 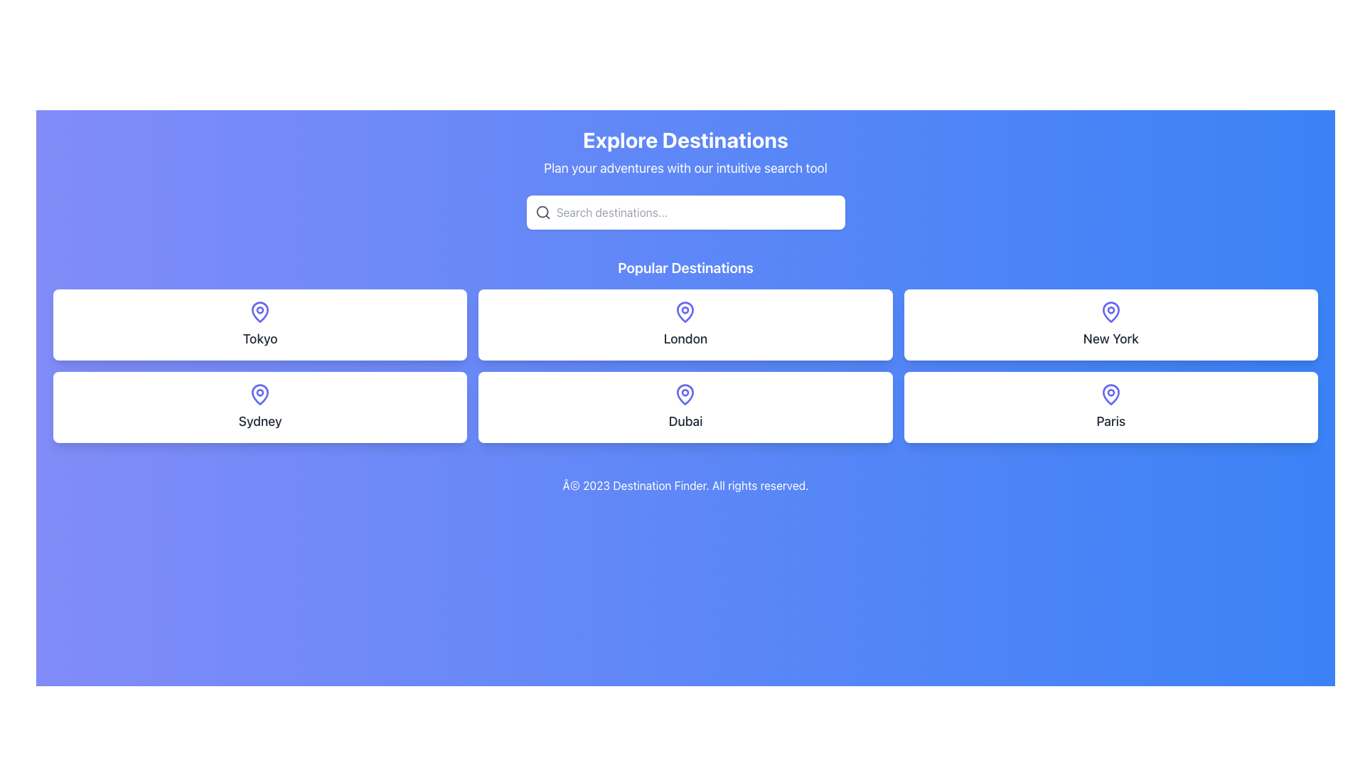 What do you see at coordinates (1110, 407) in the screenshot?
I see `the rounded card button located in the bottom-right corner of the grid layout under 'Popular Destinations', which features a blue map pin icon above the text 'Paris'` at bounding box center [1110, 407].